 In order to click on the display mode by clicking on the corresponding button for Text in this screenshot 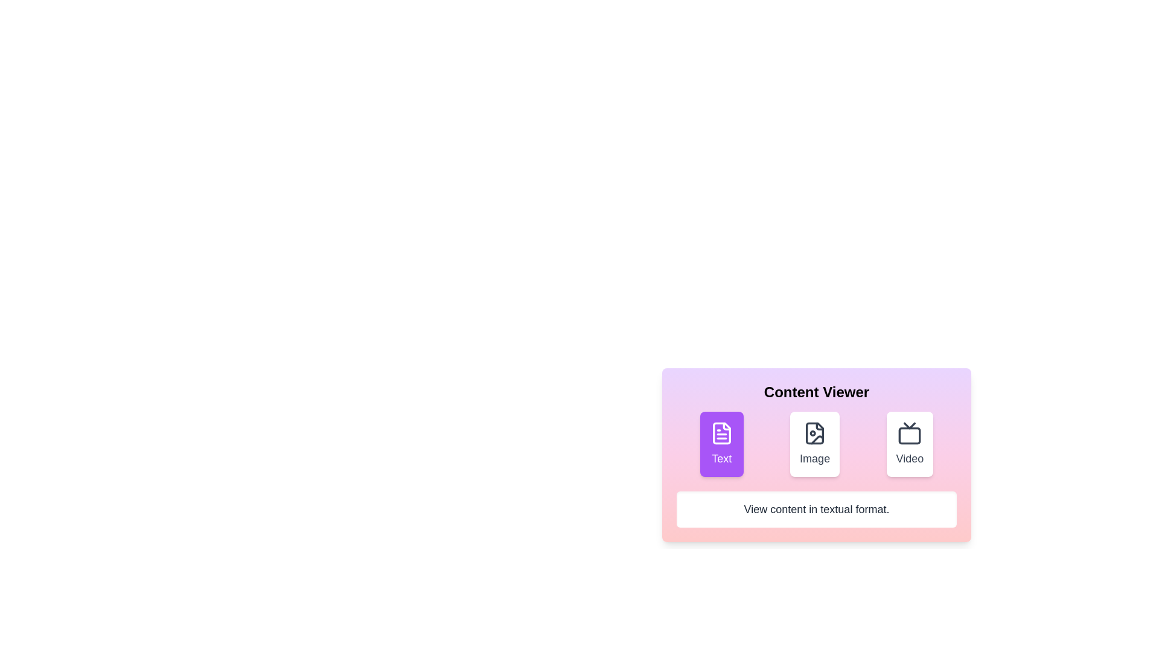, I will do `click(721, 444)`.